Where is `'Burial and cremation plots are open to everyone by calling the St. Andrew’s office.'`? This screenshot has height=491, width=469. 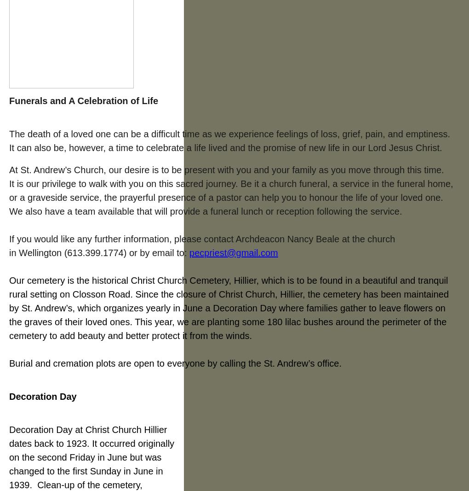 'Burial and cremation plots are open to everyone by calling the St. Andrew’s office.' is located at coordinates (175, 363).